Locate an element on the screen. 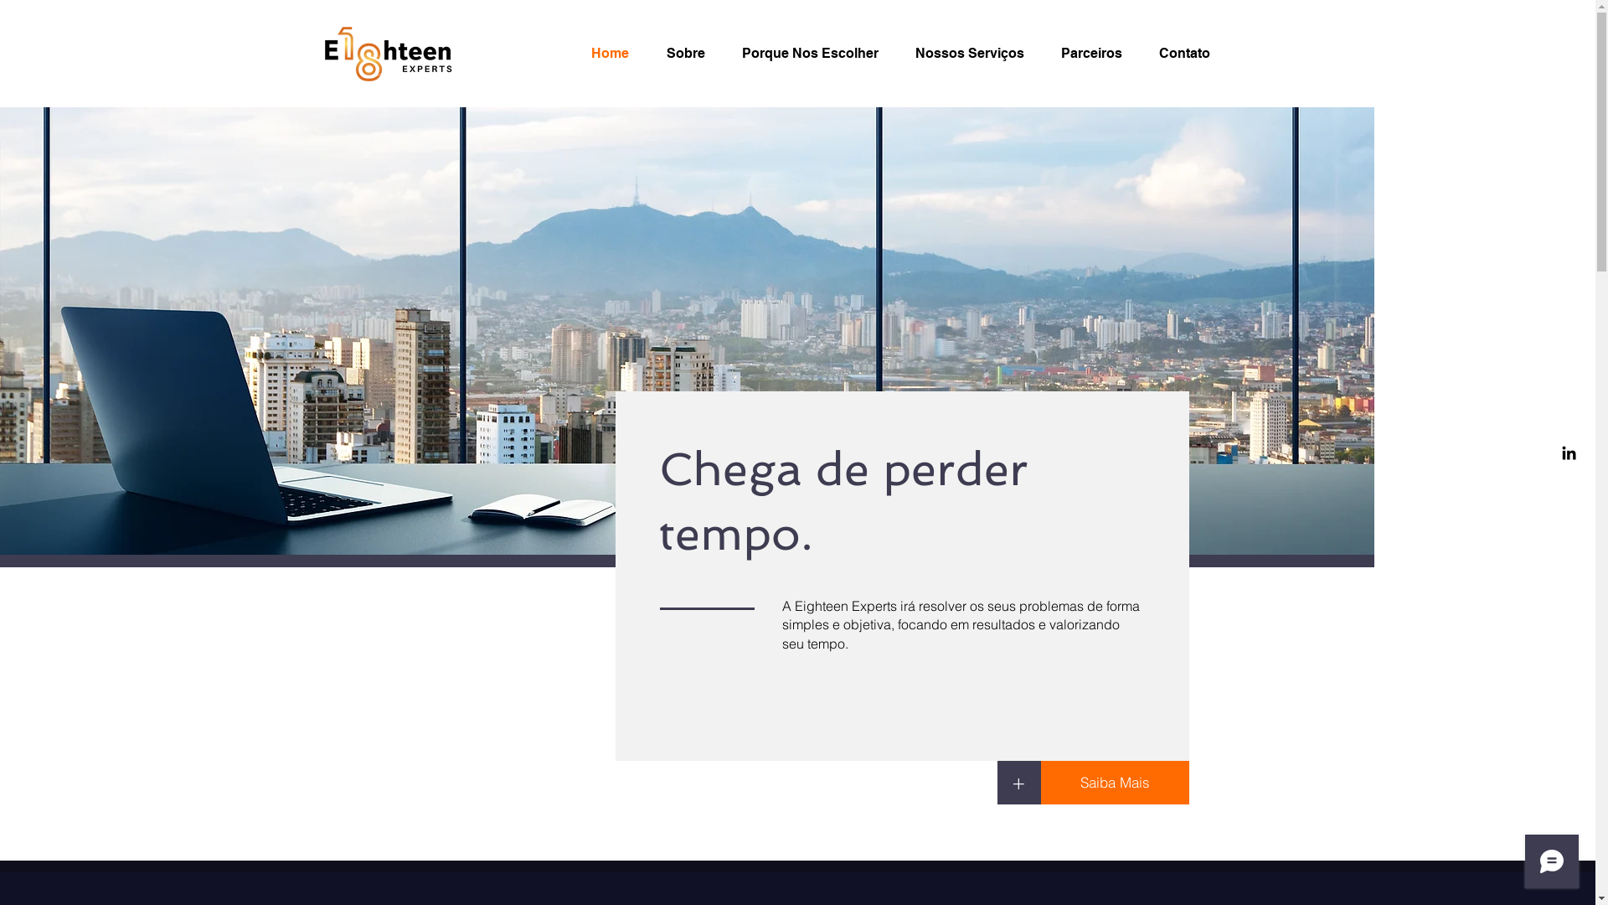 The height and width of the screenshot is (905, 1608). '1.png' is located at coordinates (386, 53).